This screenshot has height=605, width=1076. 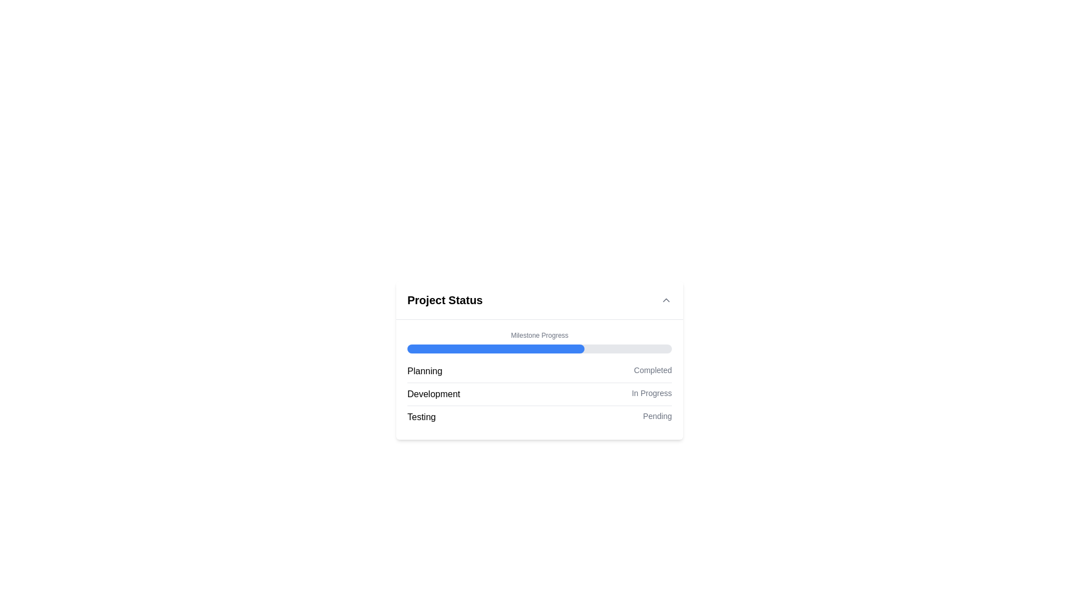 What do you see at coordinates (540, 341) in the screenshot?
I see `the 'Milestone Progress' progress bar, which is visually represented with a blue-filled bar against a gray background, located below the 'Project Status' heading` at bounding box center [540, 341].